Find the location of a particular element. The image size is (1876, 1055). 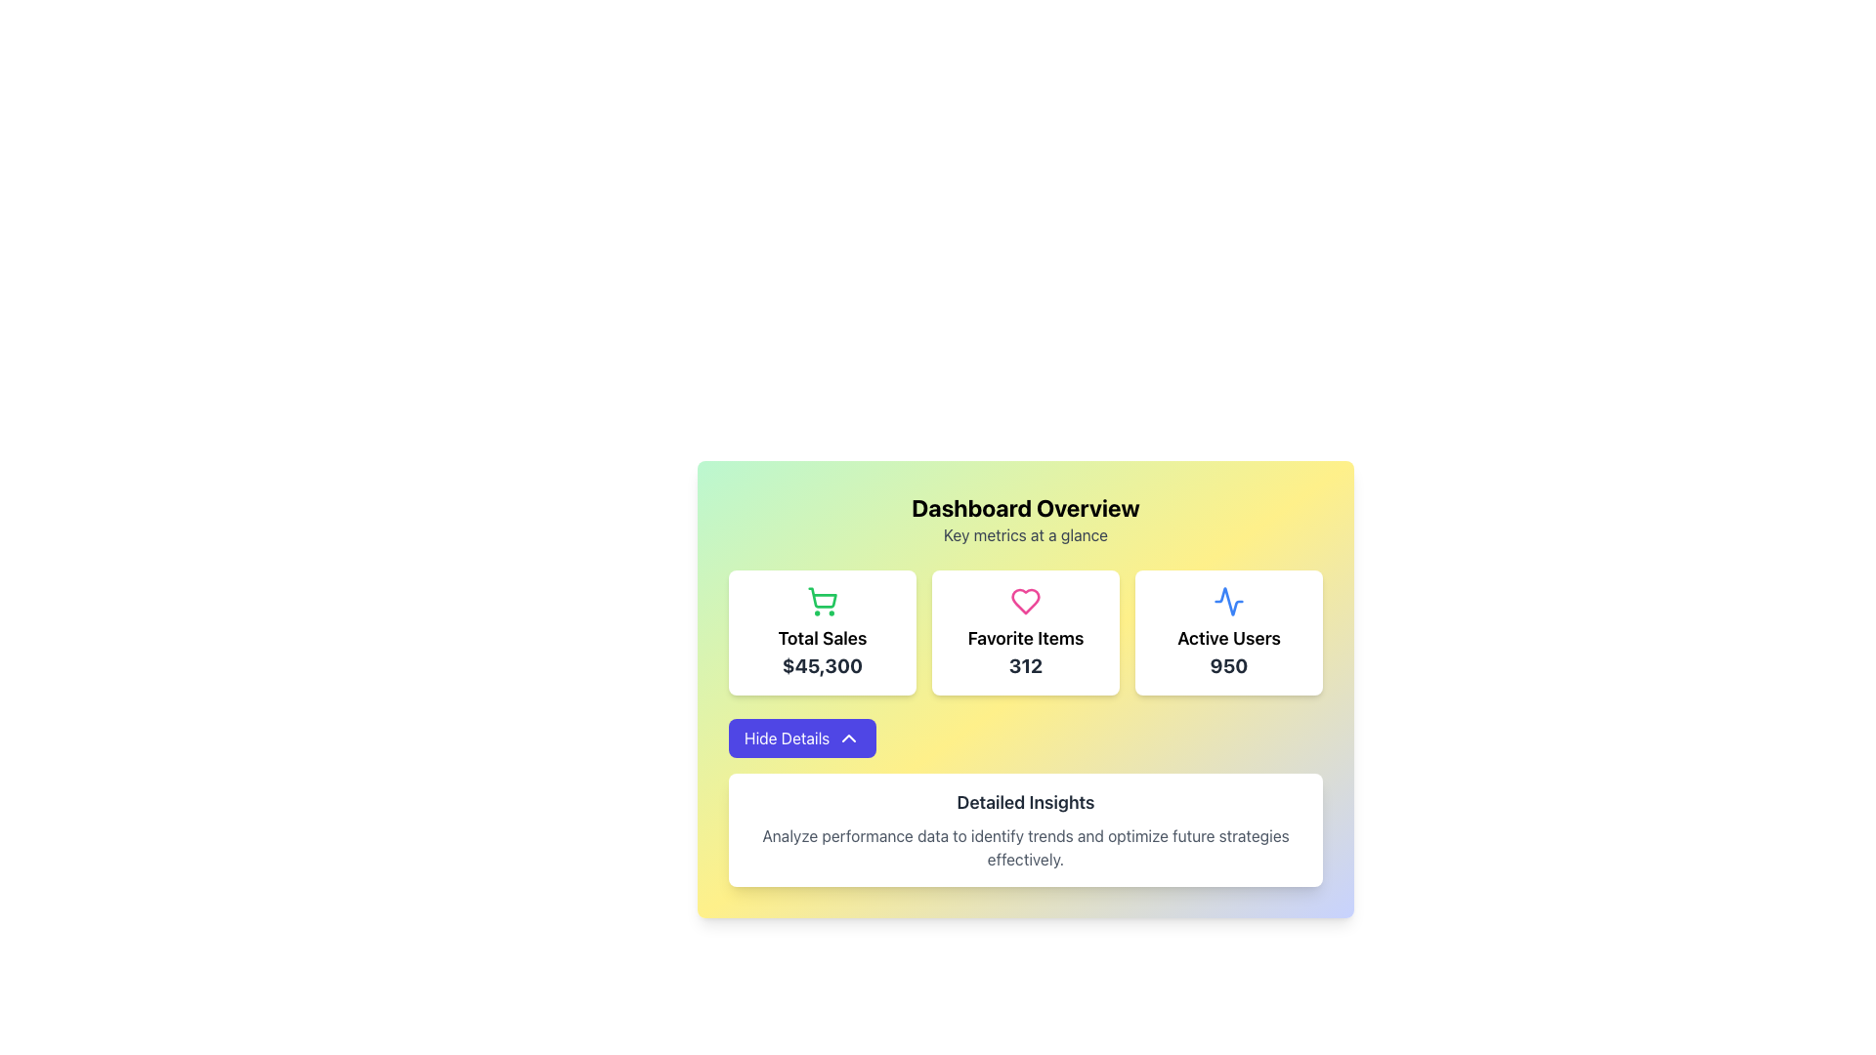

information displayed in the Information Panel, which is a white box with a shadow containing the title 'Detailed Insights' and a descriptive paragraph, located at the bottom section of the dashboard interface is located at coordinates (1025, 829).